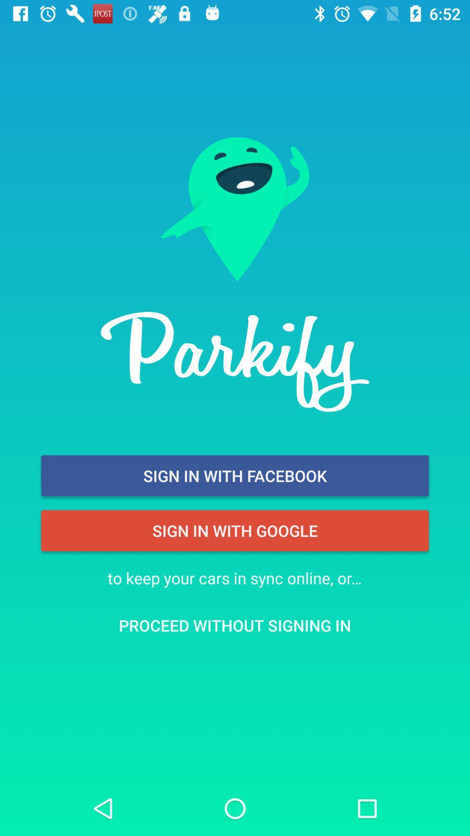 The height and width of the screenshot is (836, 470). I want to click on the proceed without signing item, so click(235, 625).